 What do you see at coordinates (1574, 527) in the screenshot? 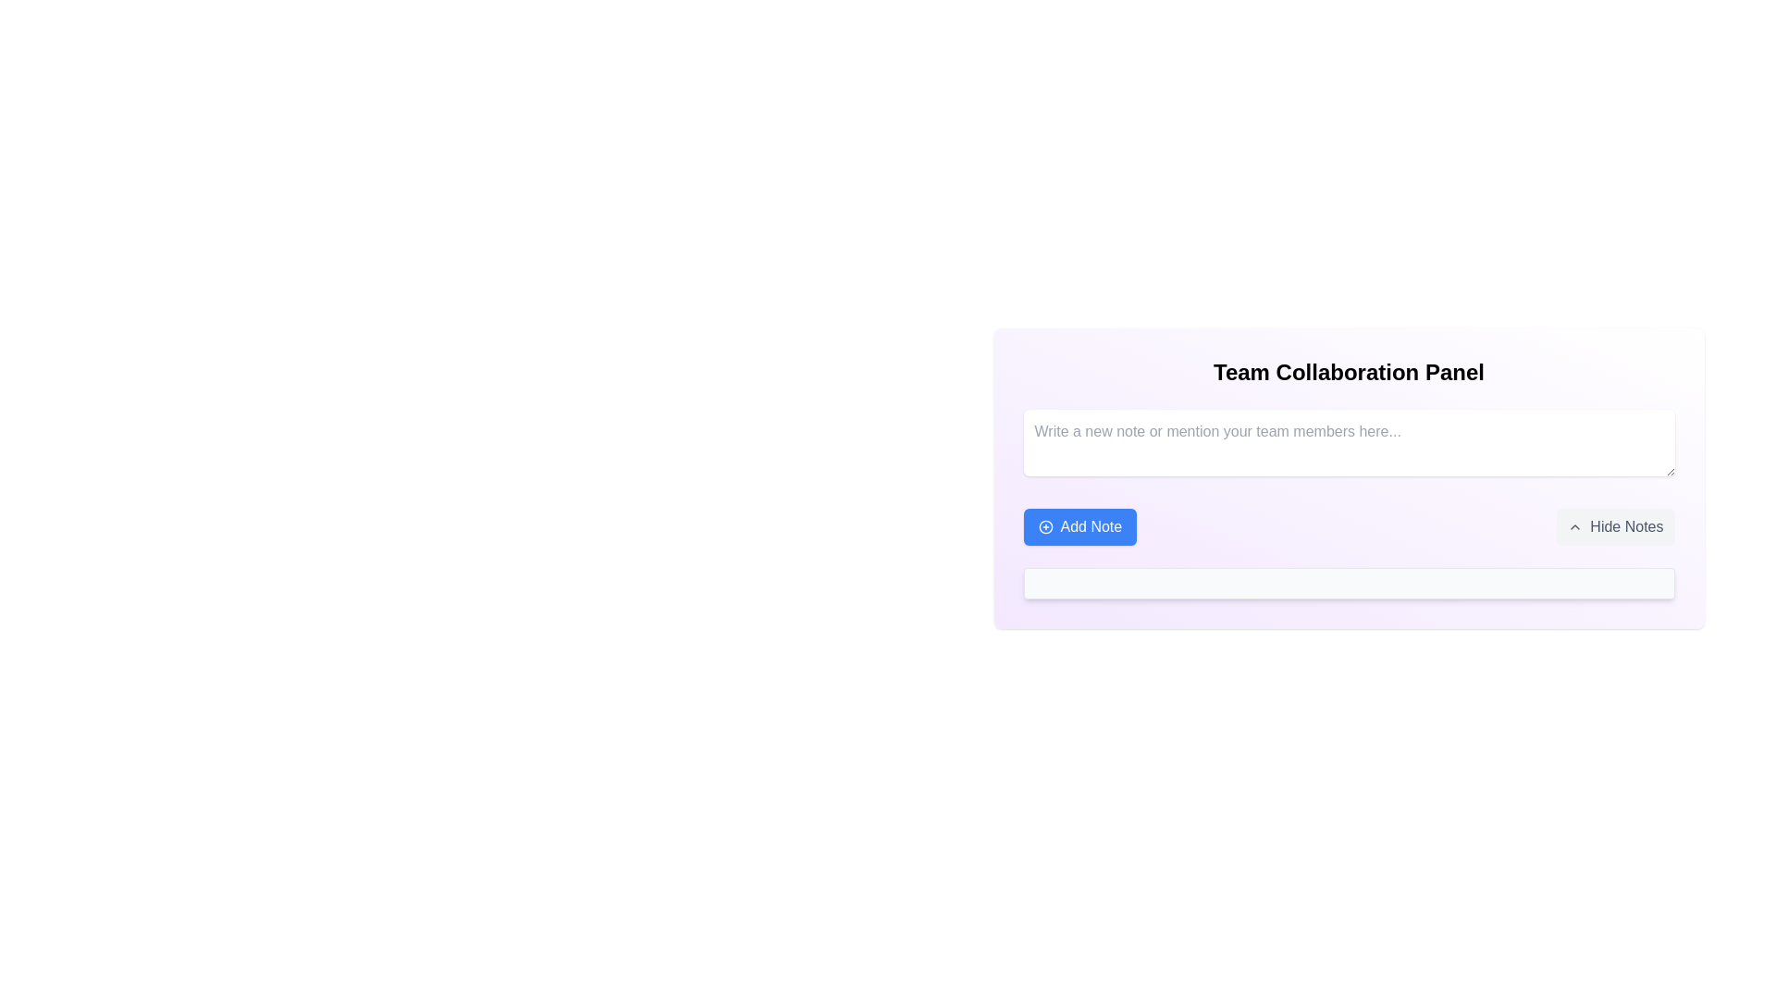
I see `the upward action icon that is part of the 'Hide Notes' button, located on the left side of the button` at bounding box center [1574, 527].